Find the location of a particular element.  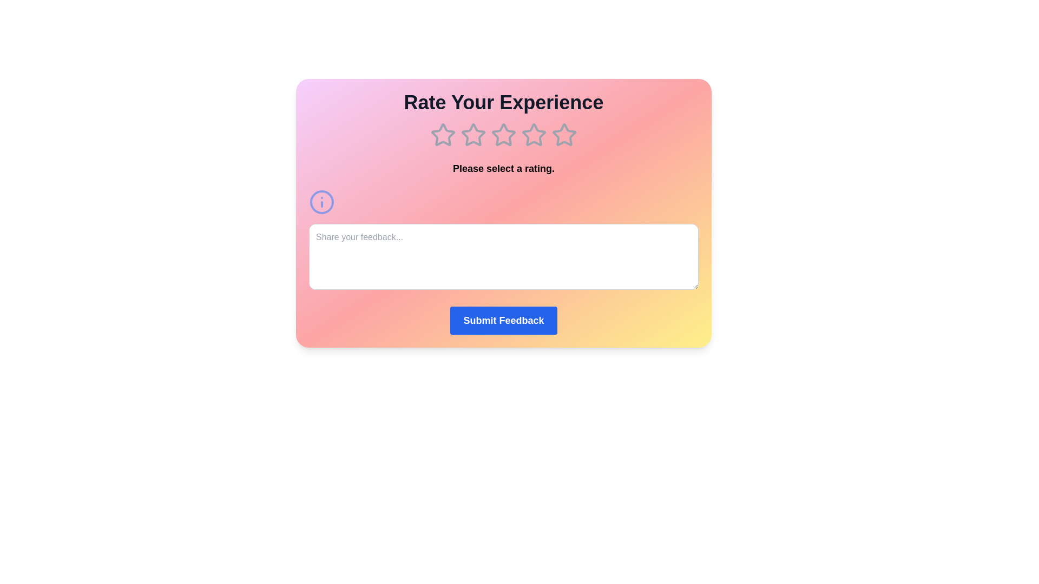

the 4 star in the rating component is located at coordinates (534, 135).